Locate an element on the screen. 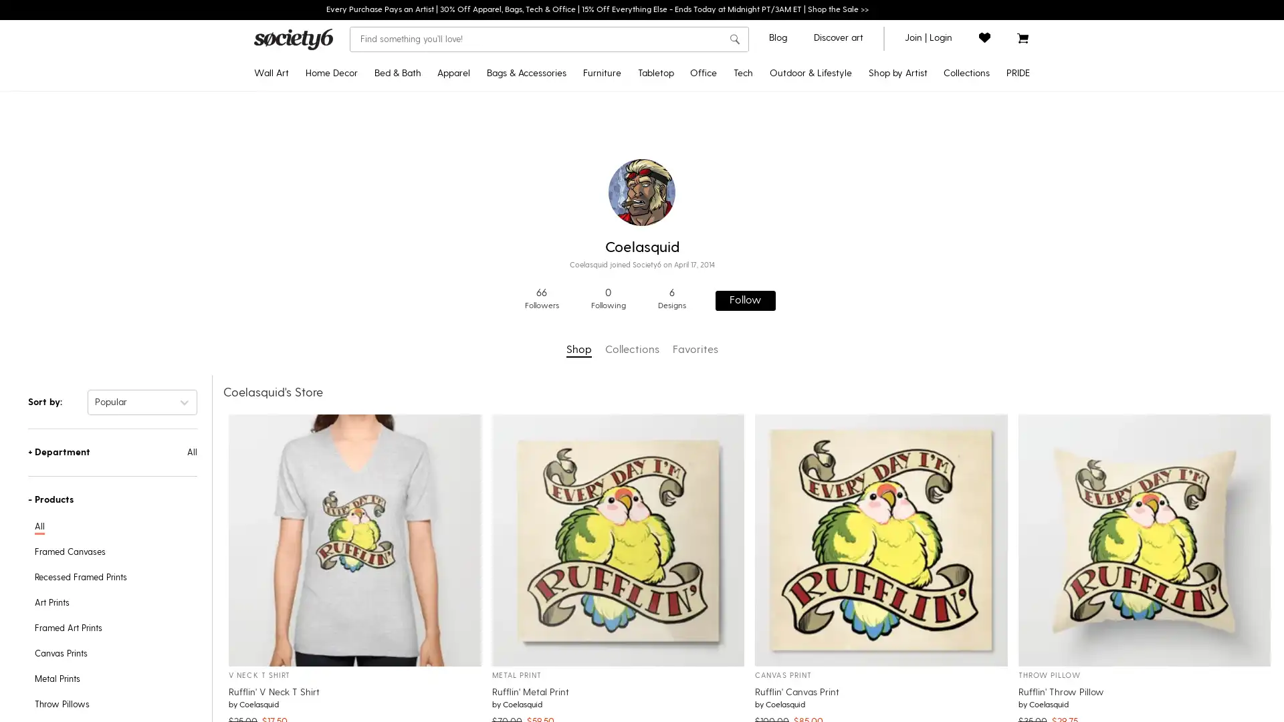  Curator's Picks is located at coordinates (917, 215).